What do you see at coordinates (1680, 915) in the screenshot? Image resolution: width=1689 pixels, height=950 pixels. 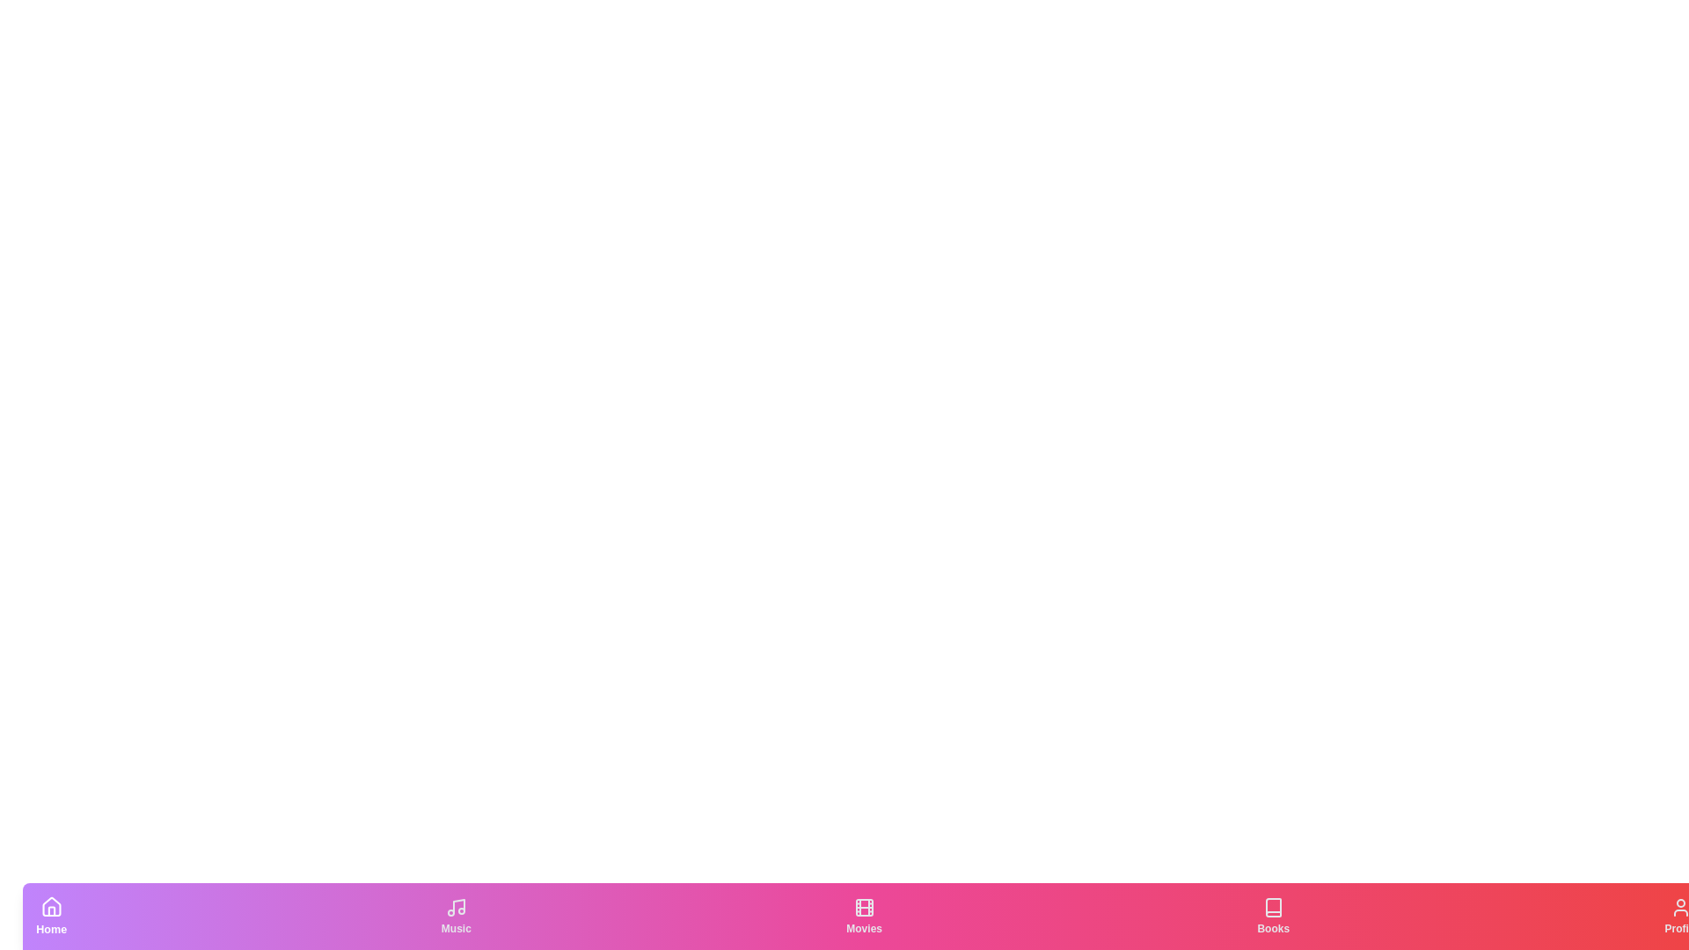 I see `the Profile tab` at bounding box center [1680, 915].